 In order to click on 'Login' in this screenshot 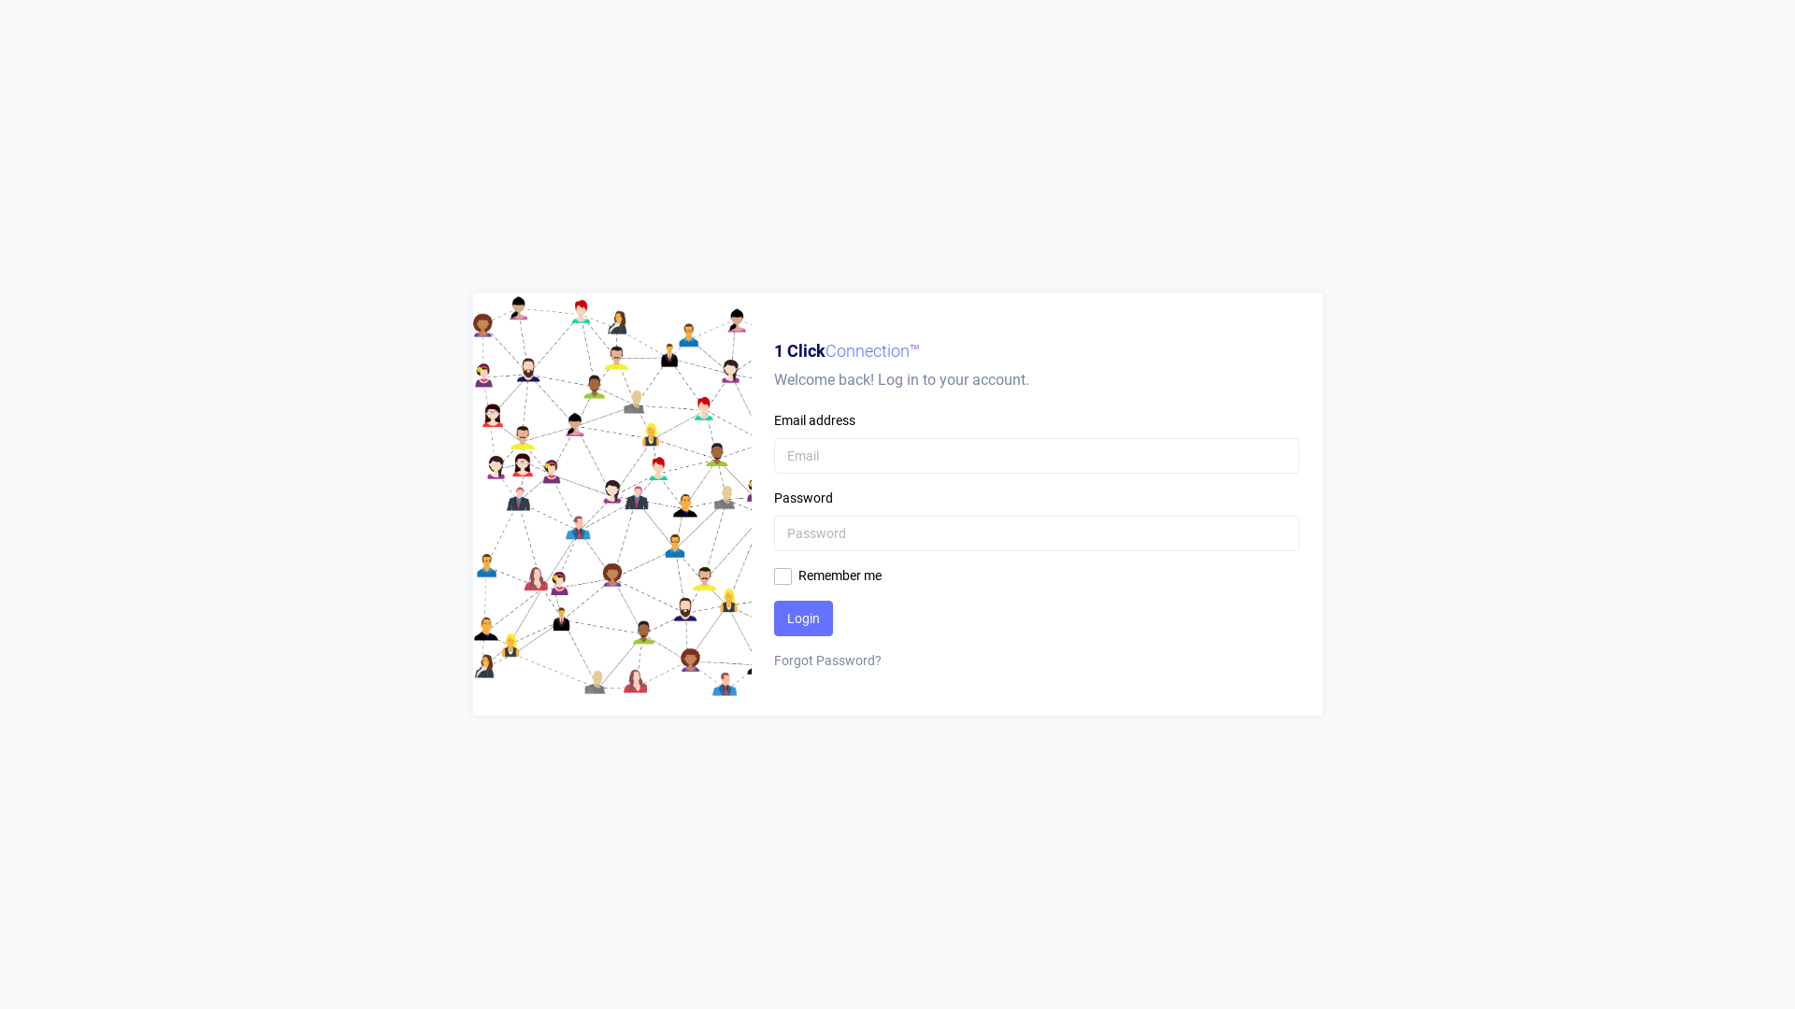, I will do `click(803, 618)`.